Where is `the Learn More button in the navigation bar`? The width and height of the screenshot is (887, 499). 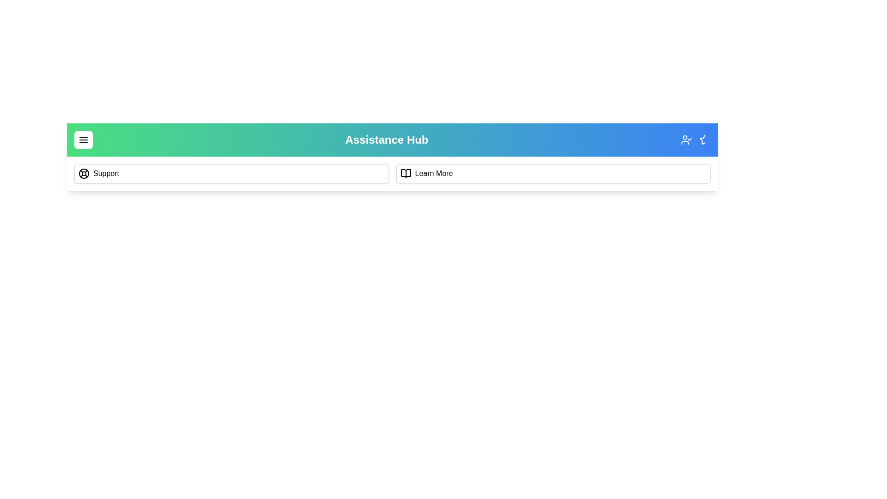
the Learn More button in the navigation bar is located at coordinates (553, 173).